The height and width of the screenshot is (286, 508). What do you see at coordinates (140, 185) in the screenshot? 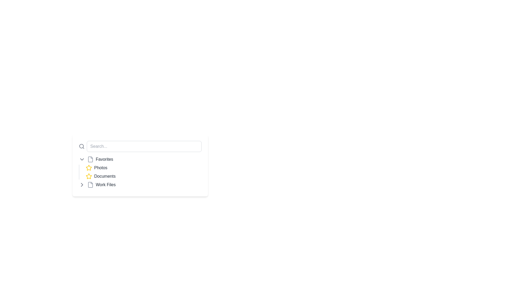
I see `the chevron on the fourth entry in the 'Favorites' sidebar labeled 'Work Files'` at bounding box center [140, 185].